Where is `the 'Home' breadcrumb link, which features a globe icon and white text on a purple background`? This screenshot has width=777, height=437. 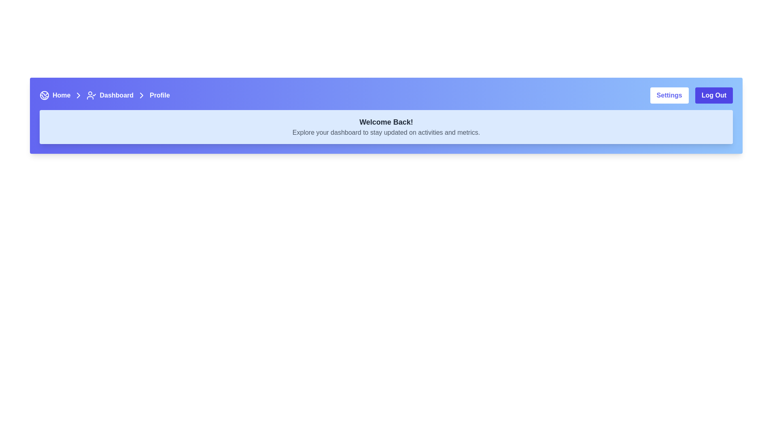 the 'Home' breadcrumb link, which features a globe icon and white text on a purple background is located at coordinates (63, 95).